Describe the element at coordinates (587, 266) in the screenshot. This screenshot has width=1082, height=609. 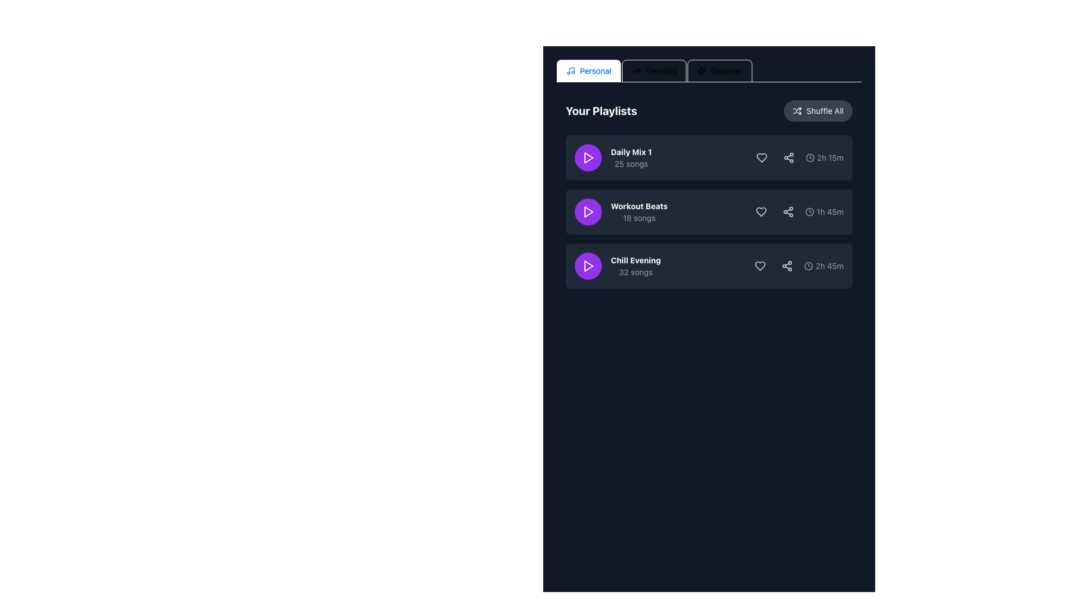
I see `the circular purple button with a white play icon at the center of the 'Chill Evening' playlist card to play the playlist` at that location.